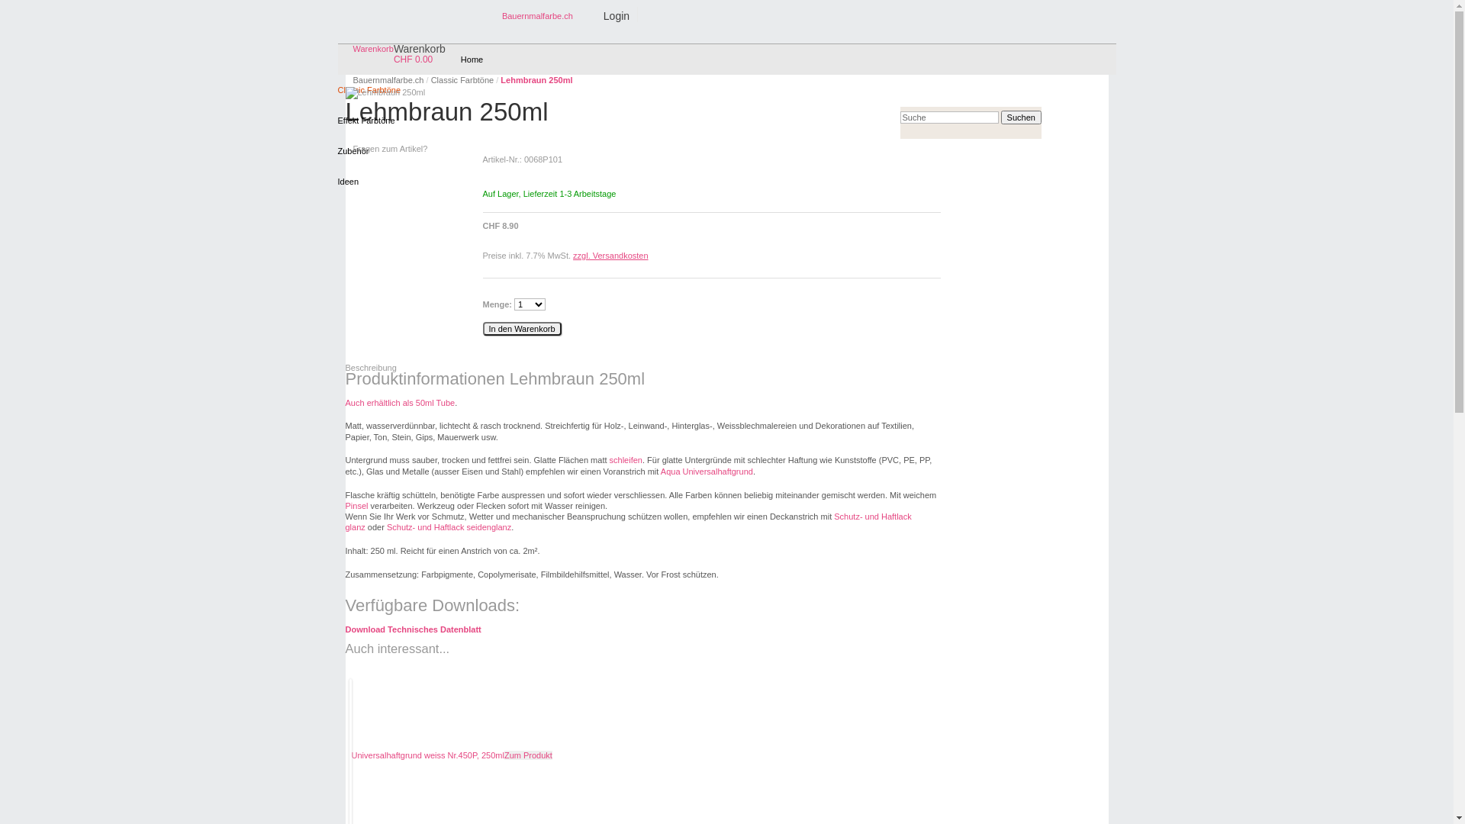 This screenshot has height=824, width=1465. I want to click on 'Download Technisches Datenblatt', so click(343, 629).